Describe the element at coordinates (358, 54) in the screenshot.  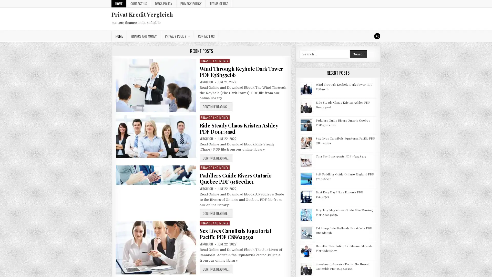
I see `Search` at that location.